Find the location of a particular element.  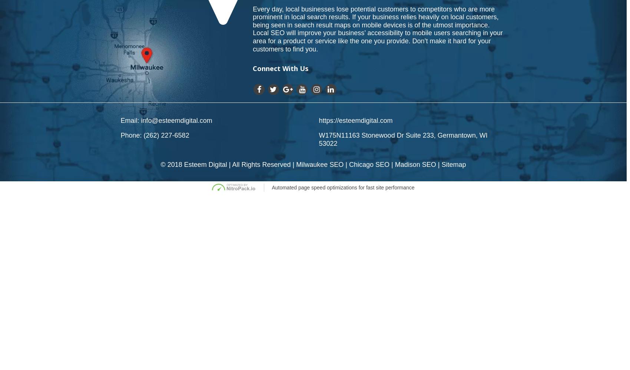

'© 2018 Esteem Digital | All Rights Reserved |' is located at coordinates (228, 164).